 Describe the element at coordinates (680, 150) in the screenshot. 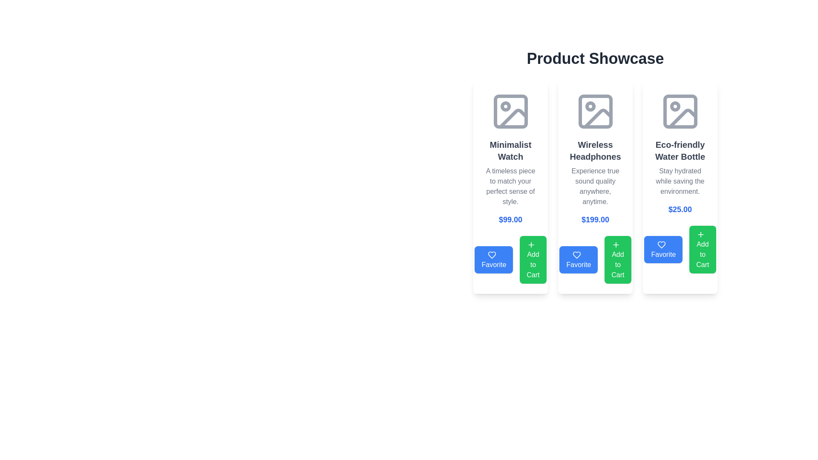

I see `the text label that serves as the title for the product, located in the third product panel from the left, near the top, directly below an image placeholder` at that location.